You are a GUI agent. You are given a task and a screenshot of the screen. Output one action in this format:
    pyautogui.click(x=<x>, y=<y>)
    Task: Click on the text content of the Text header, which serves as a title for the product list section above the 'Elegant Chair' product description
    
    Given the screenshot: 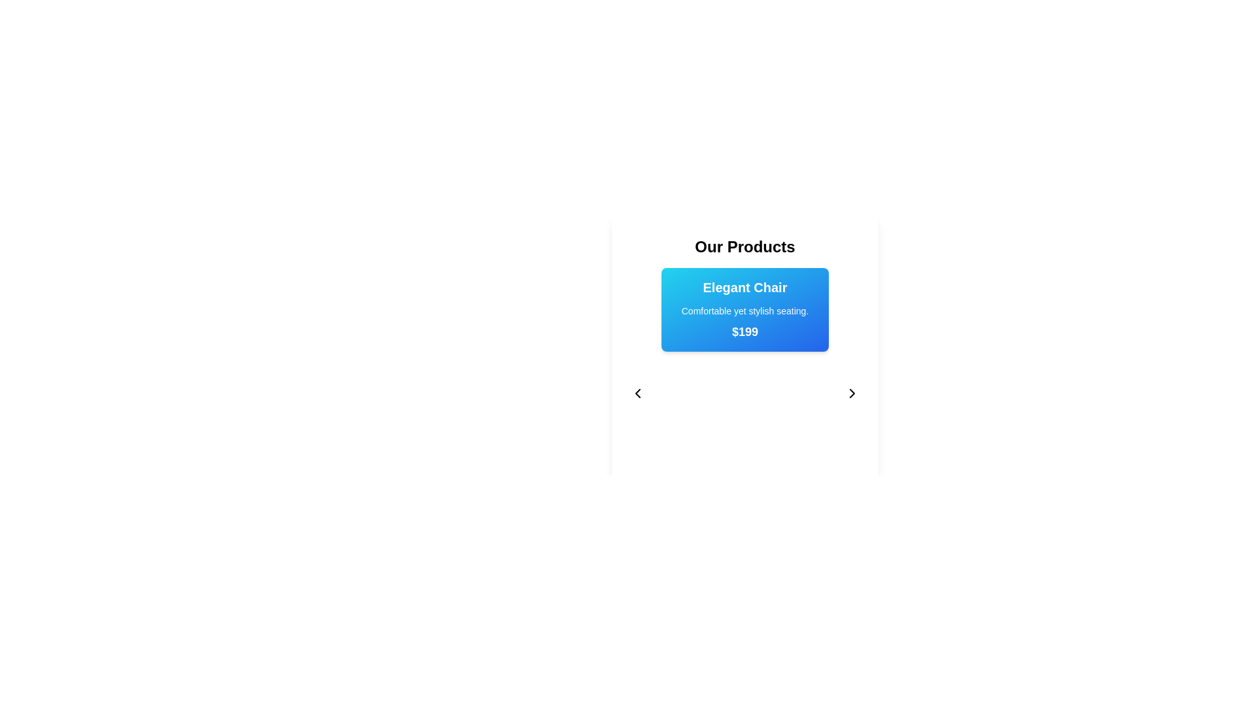 What is the action you would take?
    pyautogui.click(x=745, y=247)
    